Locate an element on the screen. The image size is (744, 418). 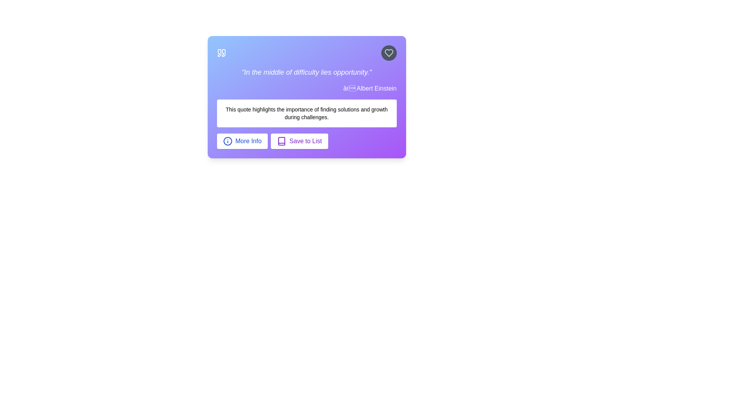
the 'More Info' and 'Save to List' buttons in the Horizontal button group is located at coordinates (306, 141).